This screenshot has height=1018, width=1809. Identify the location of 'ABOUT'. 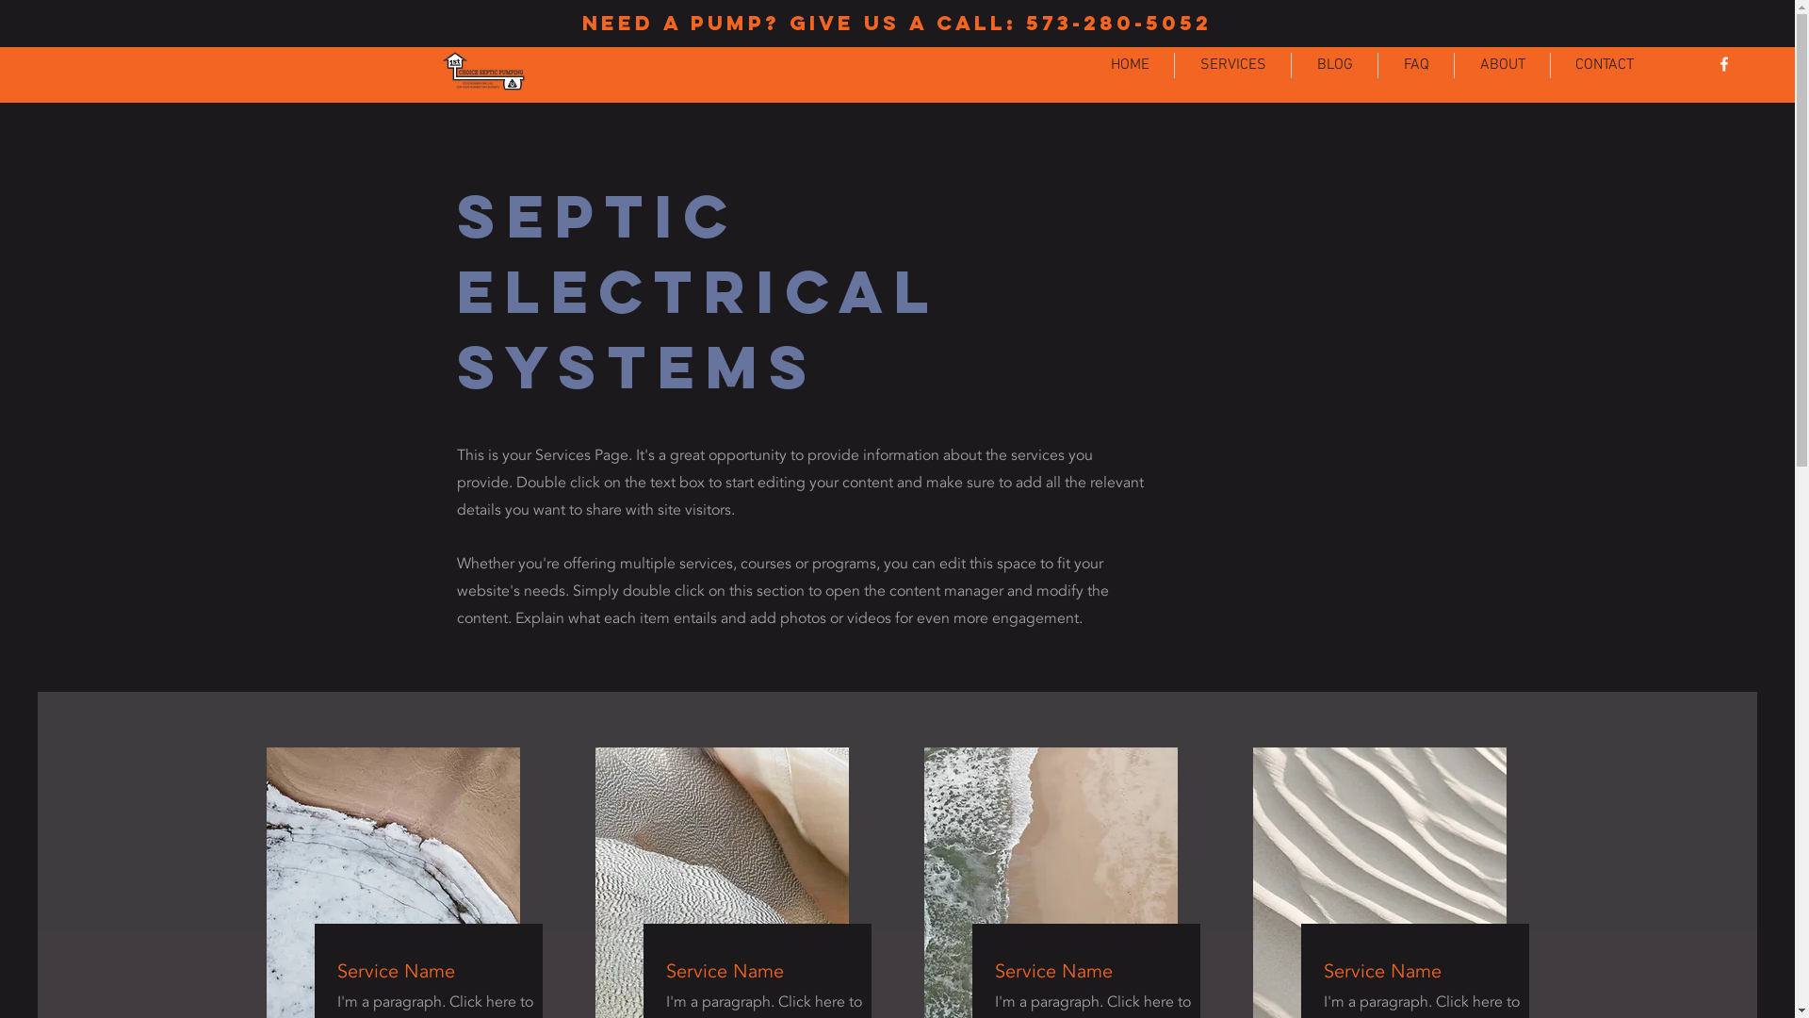
(1501, 64).